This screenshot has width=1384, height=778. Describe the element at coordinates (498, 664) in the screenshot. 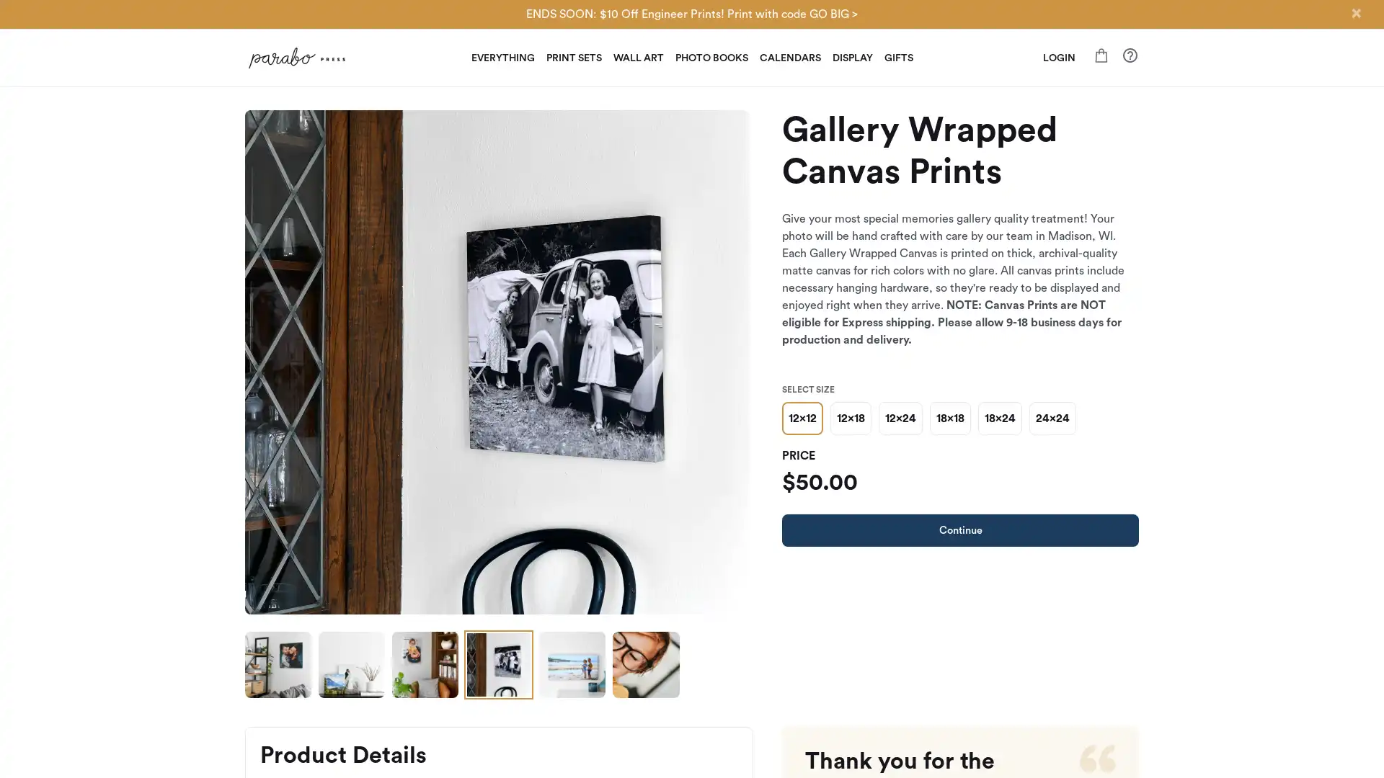

I see `slide dot` at that location.